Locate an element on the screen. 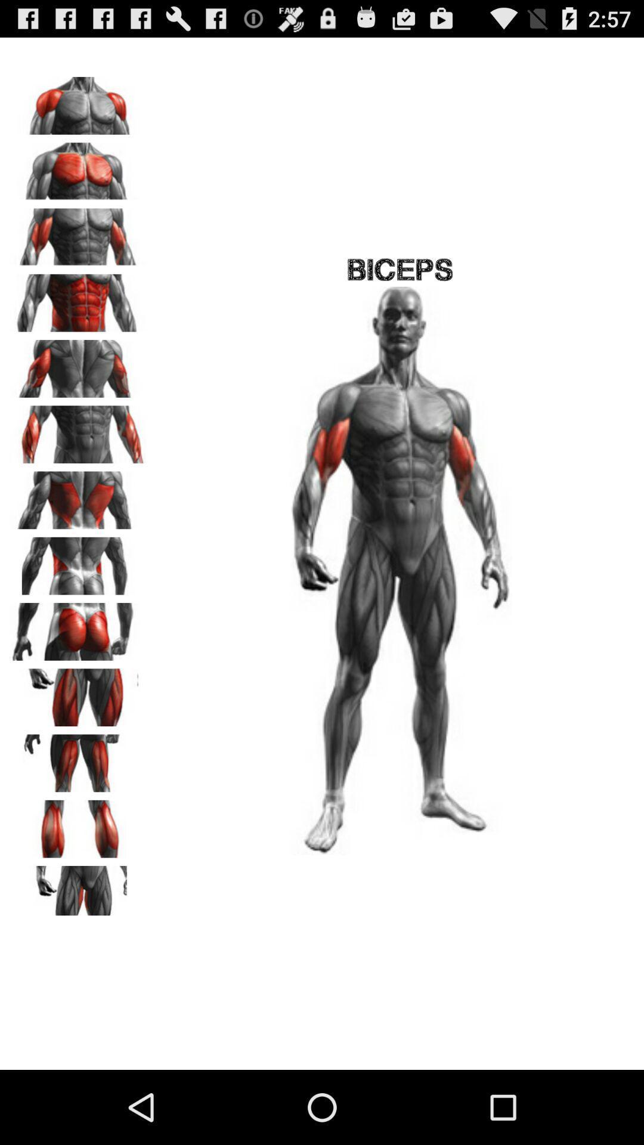 This screenshot has height=1145, width=644. the font icon is located at coordinates (78, 812).